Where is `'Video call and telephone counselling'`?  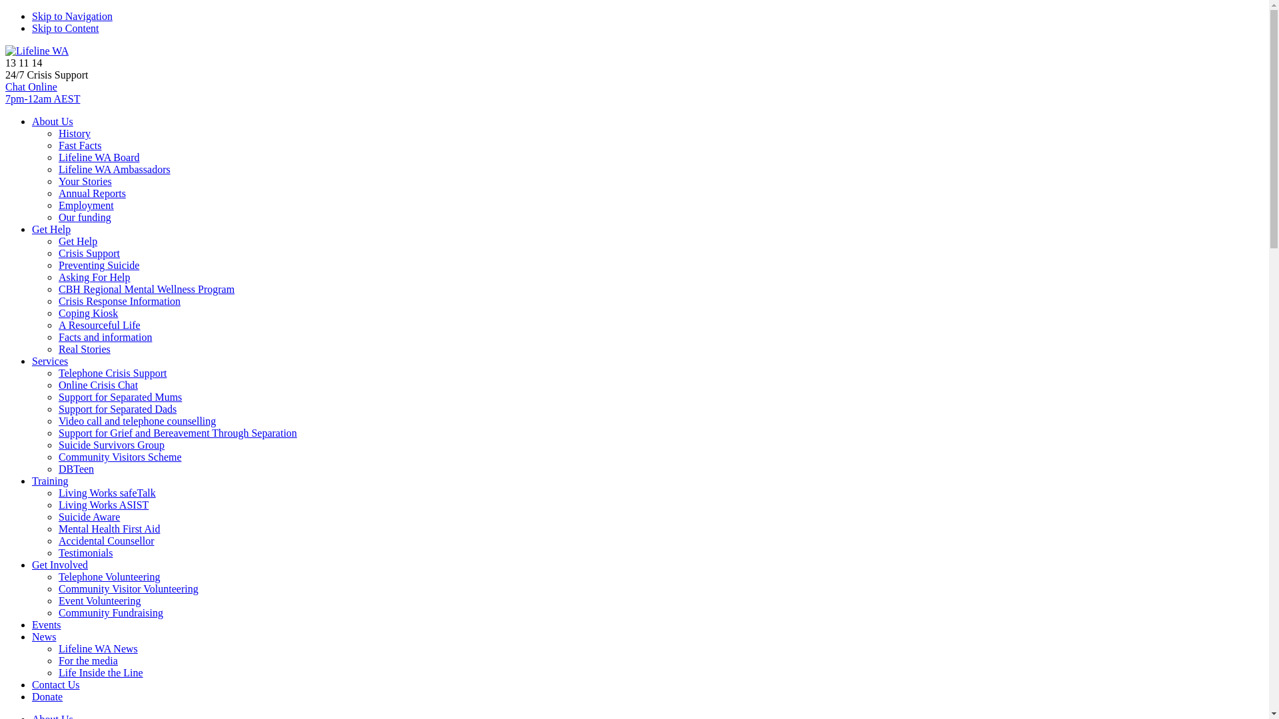 'Video call and telephone counselling' is located at coordinates (57, 421).